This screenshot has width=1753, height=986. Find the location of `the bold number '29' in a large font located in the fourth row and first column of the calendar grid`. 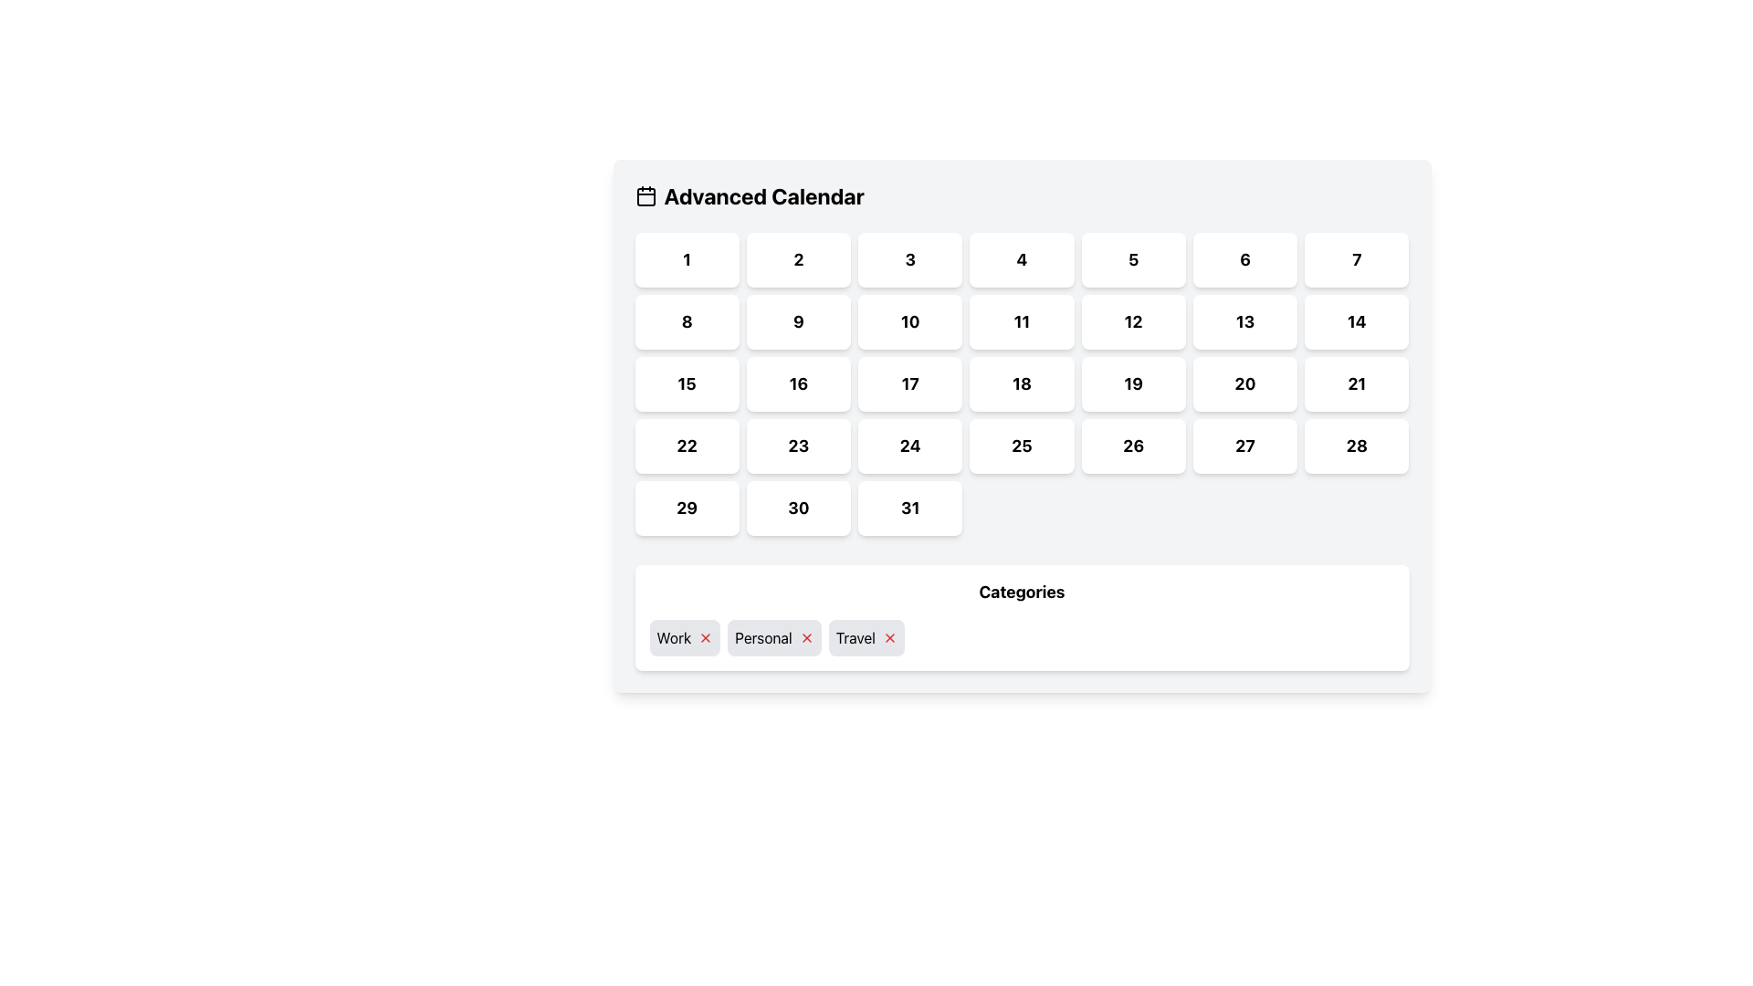

the bold number '29' in a large font located in the fourth row and first column of the calendar grid is located at coordinates (686, 508).